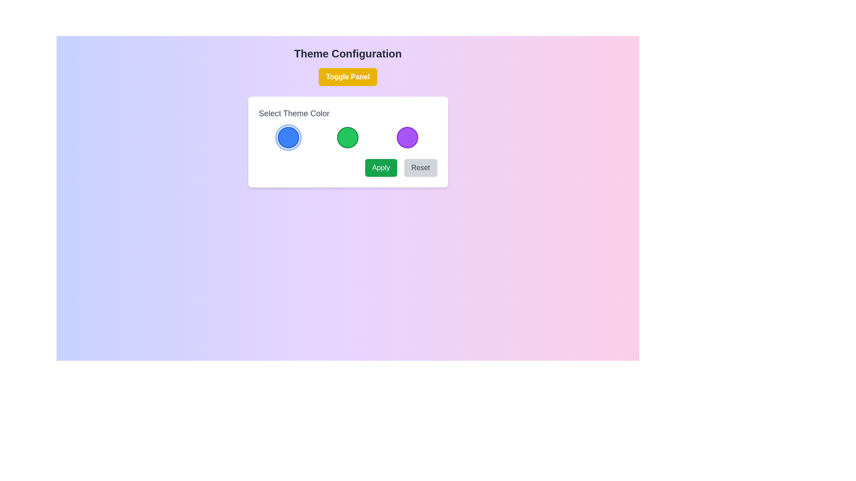 Image resolution: width=856 pixels, height=481 pixels. Describe the element at coordinates (407, 137) in the screenshot. I see `the third button in the horizontal group of theme color selectors to perform keyboard interaction` at that location.